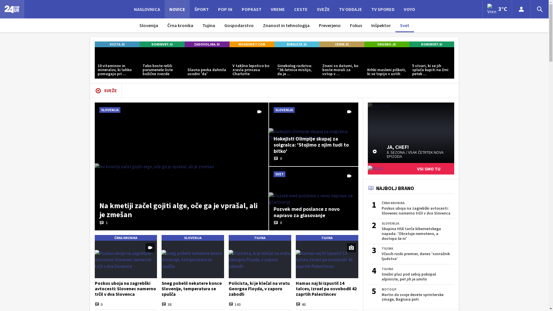  Describe the element at coordinates (350, 9) in the screenshot. I see `'TV ODDAJE'` at that location.